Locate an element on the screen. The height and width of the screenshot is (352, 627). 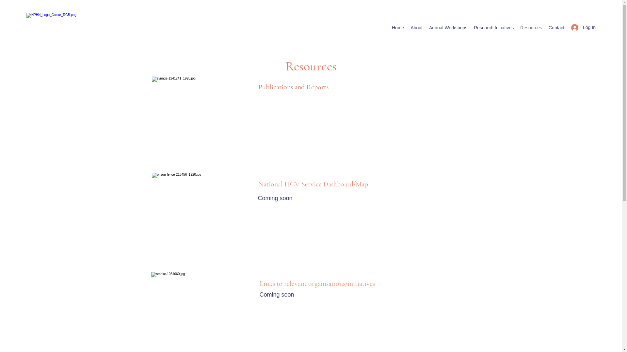
'Research Initiatives' is located at coordinates (470, 27).